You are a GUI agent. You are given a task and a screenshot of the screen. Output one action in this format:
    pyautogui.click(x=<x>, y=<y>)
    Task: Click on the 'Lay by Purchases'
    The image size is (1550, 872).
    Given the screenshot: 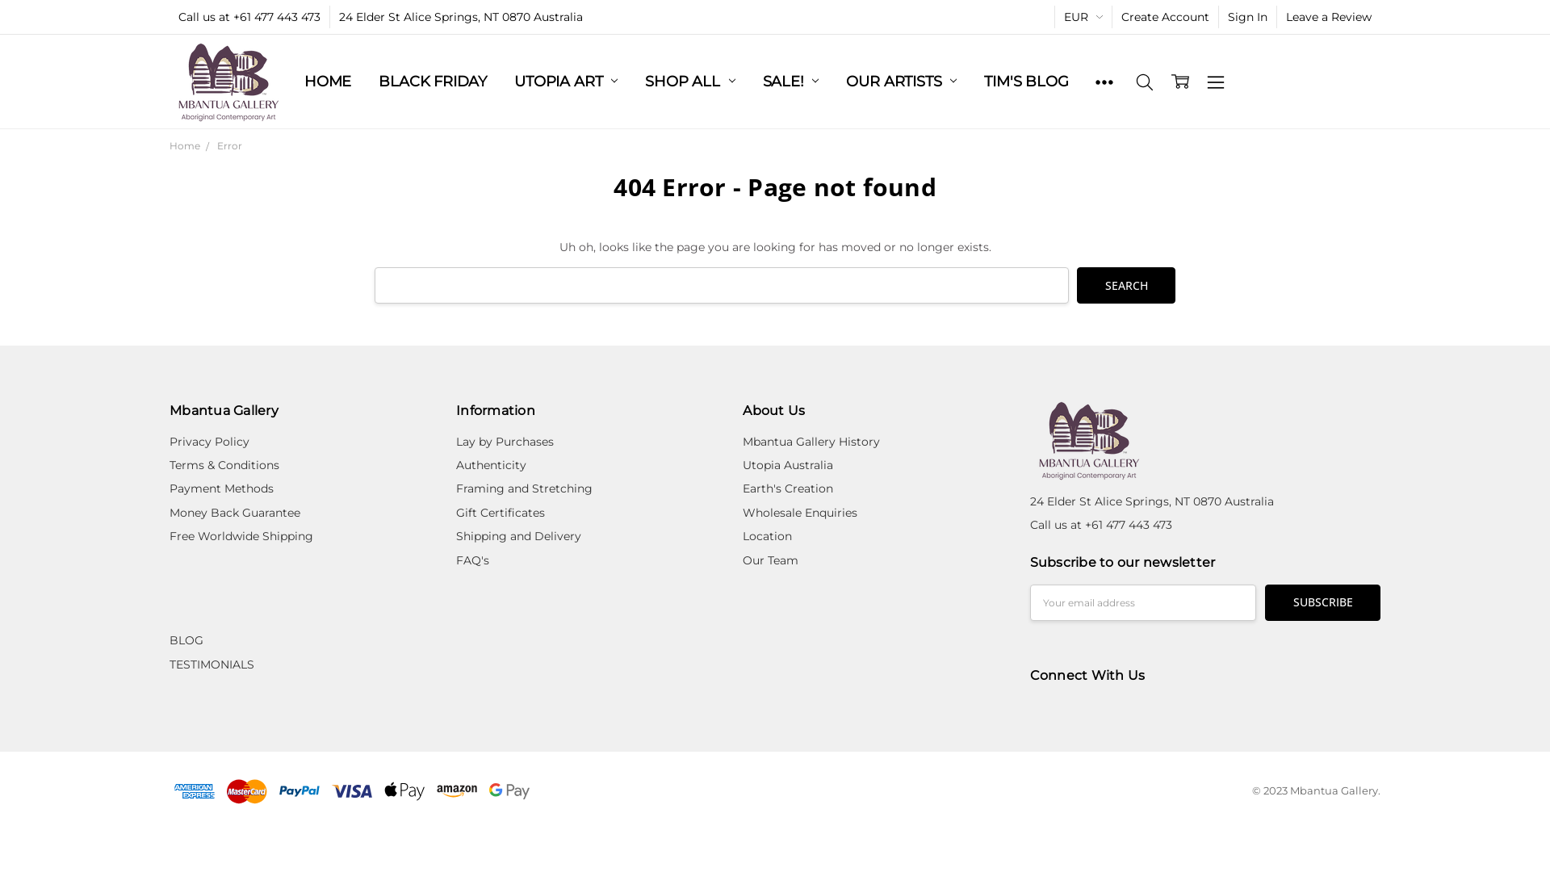 What is the action you would take?
    pyautogui.click(x=455, y=442)
    